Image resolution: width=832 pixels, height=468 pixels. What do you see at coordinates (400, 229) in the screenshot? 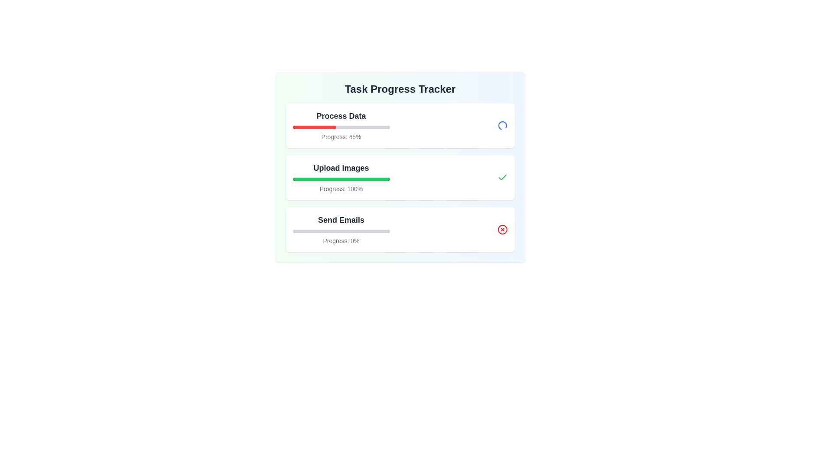
I see `the Progress tracker item element, which displays 'Send Emails' and its progress status 'Progress: 0%'` at bounding box center [400, 229].